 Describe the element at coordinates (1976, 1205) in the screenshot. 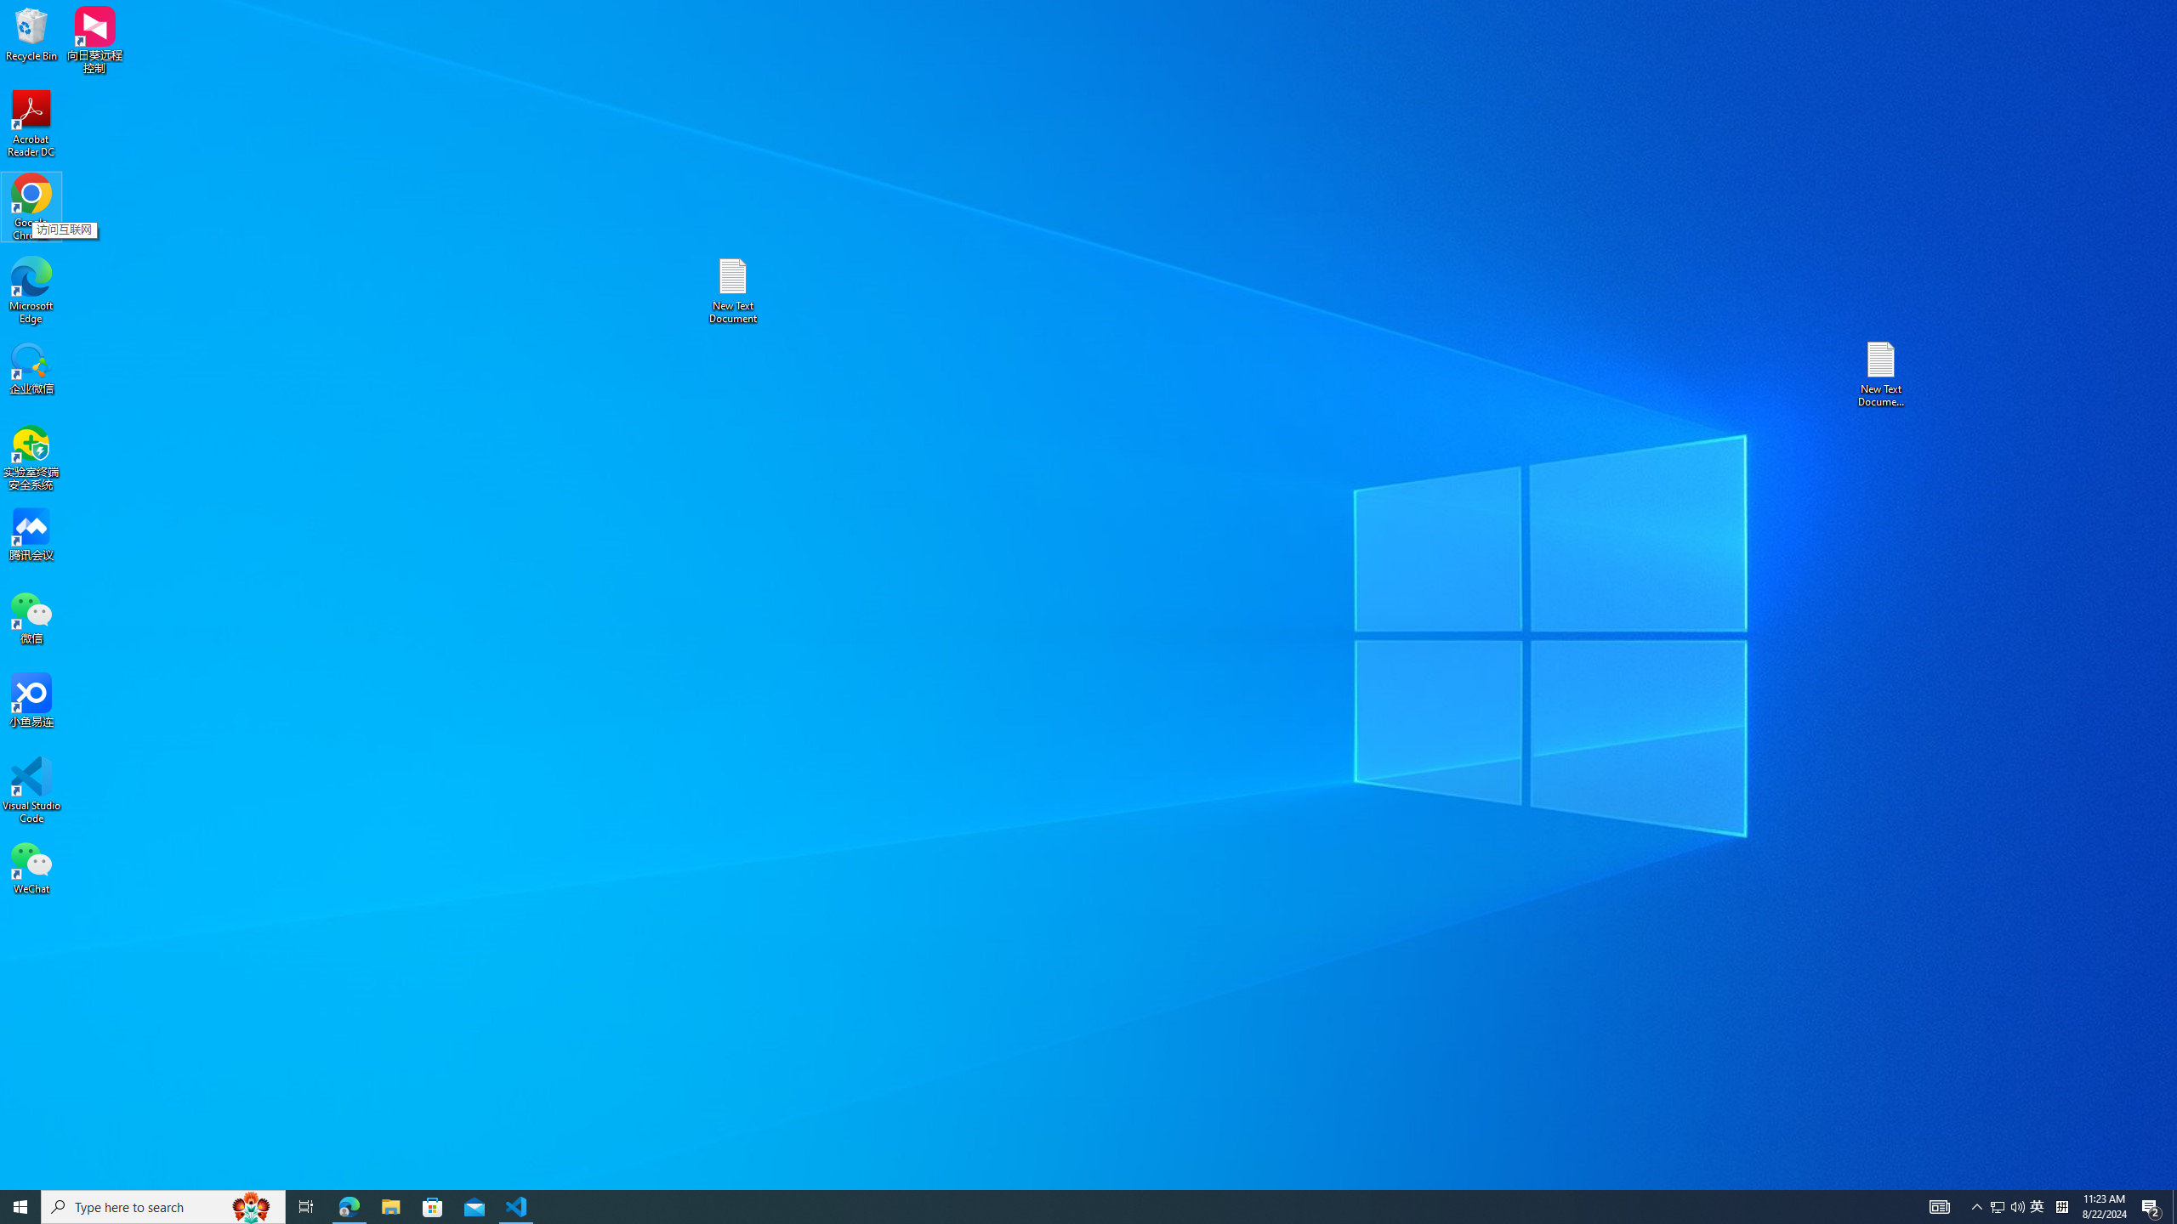

I see `'Notification Chevron'` at that location.